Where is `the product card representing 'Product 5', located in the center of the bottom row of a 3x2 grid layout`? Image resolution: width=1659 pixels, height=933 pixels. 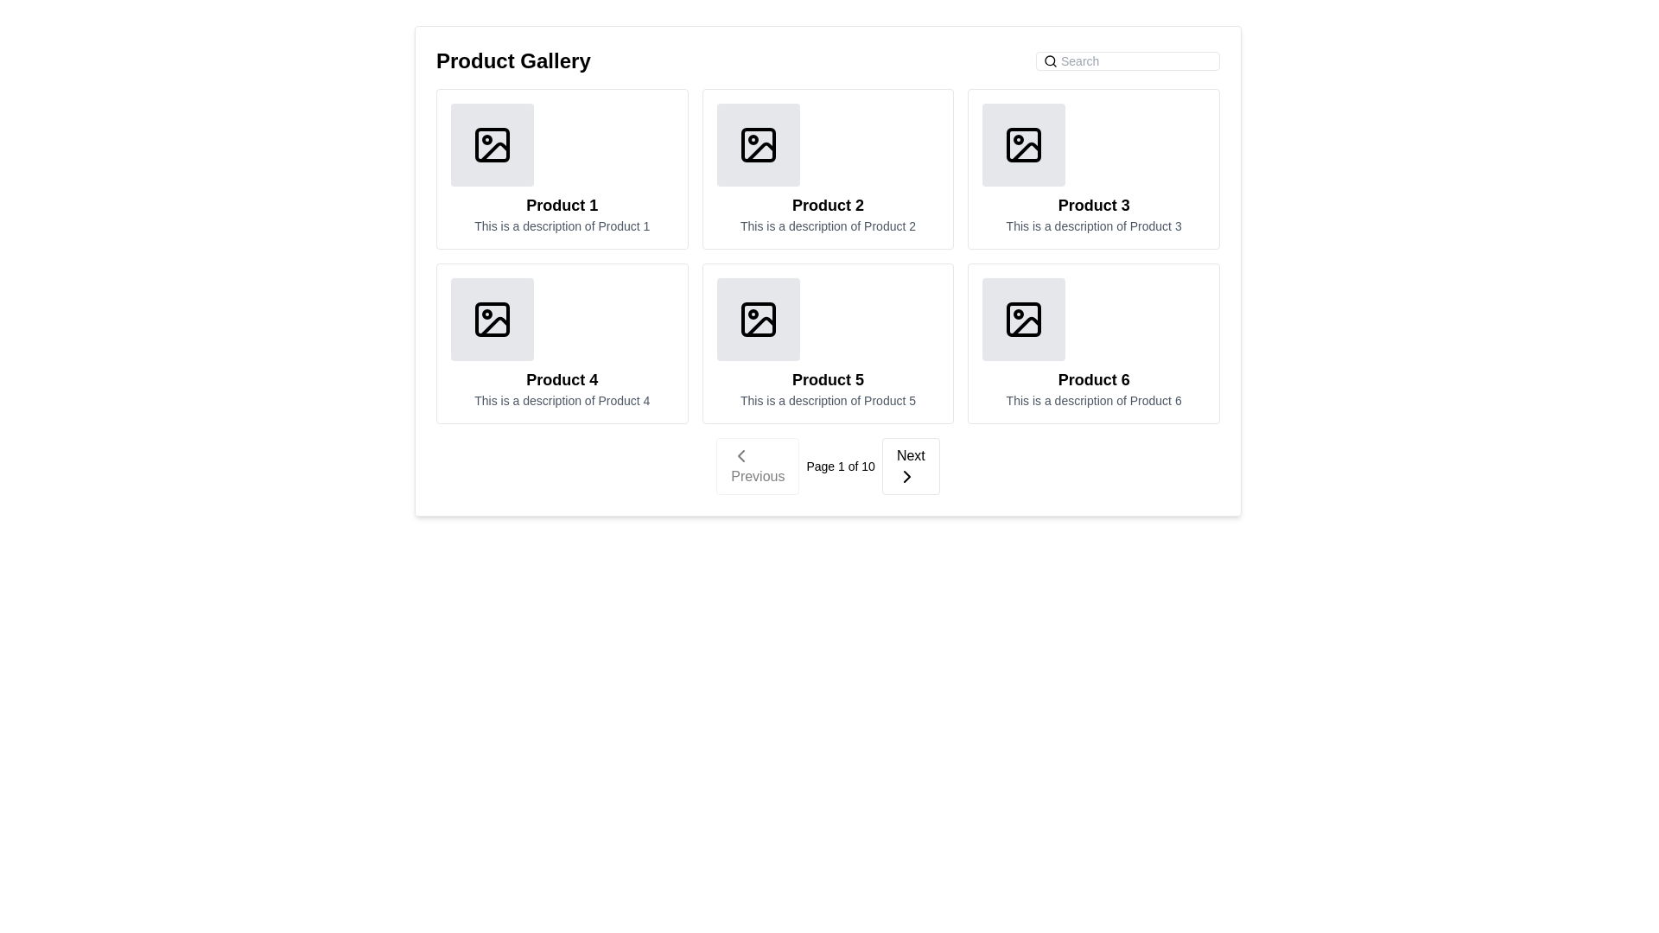 the product card representing 'Product 5', located in the center of the bottom row of a 3x2 grid layout is located at coordinates (827, 343).